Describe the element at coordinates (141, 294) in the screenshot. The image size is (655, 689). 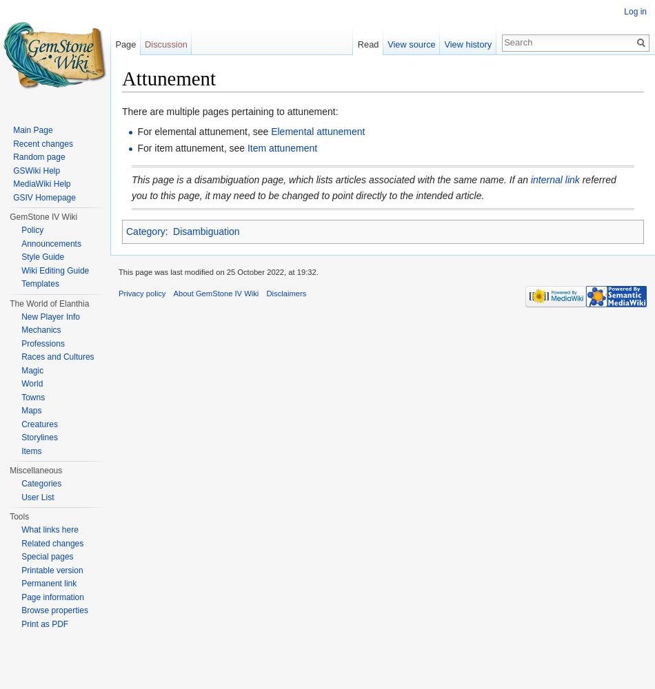
I see `'Privacy policy'` at that location.